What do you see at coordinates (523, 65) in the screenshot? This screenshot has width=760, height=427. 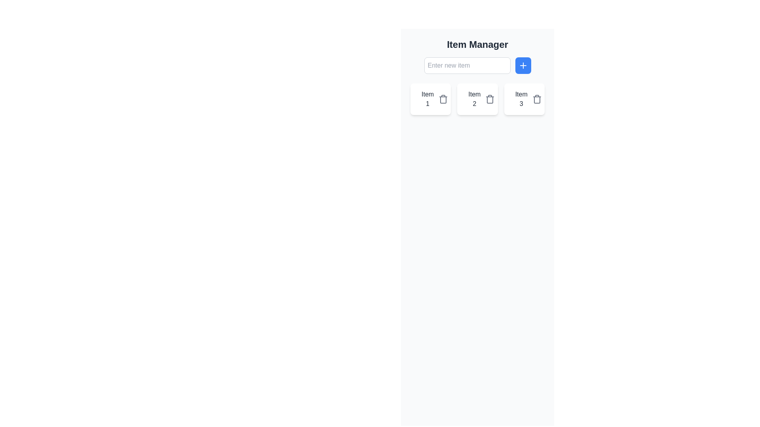 I see `the blue button with a white plus sign icon located in the top-right corner of the 'Item Manager' section` at bounding box center [523, 65].